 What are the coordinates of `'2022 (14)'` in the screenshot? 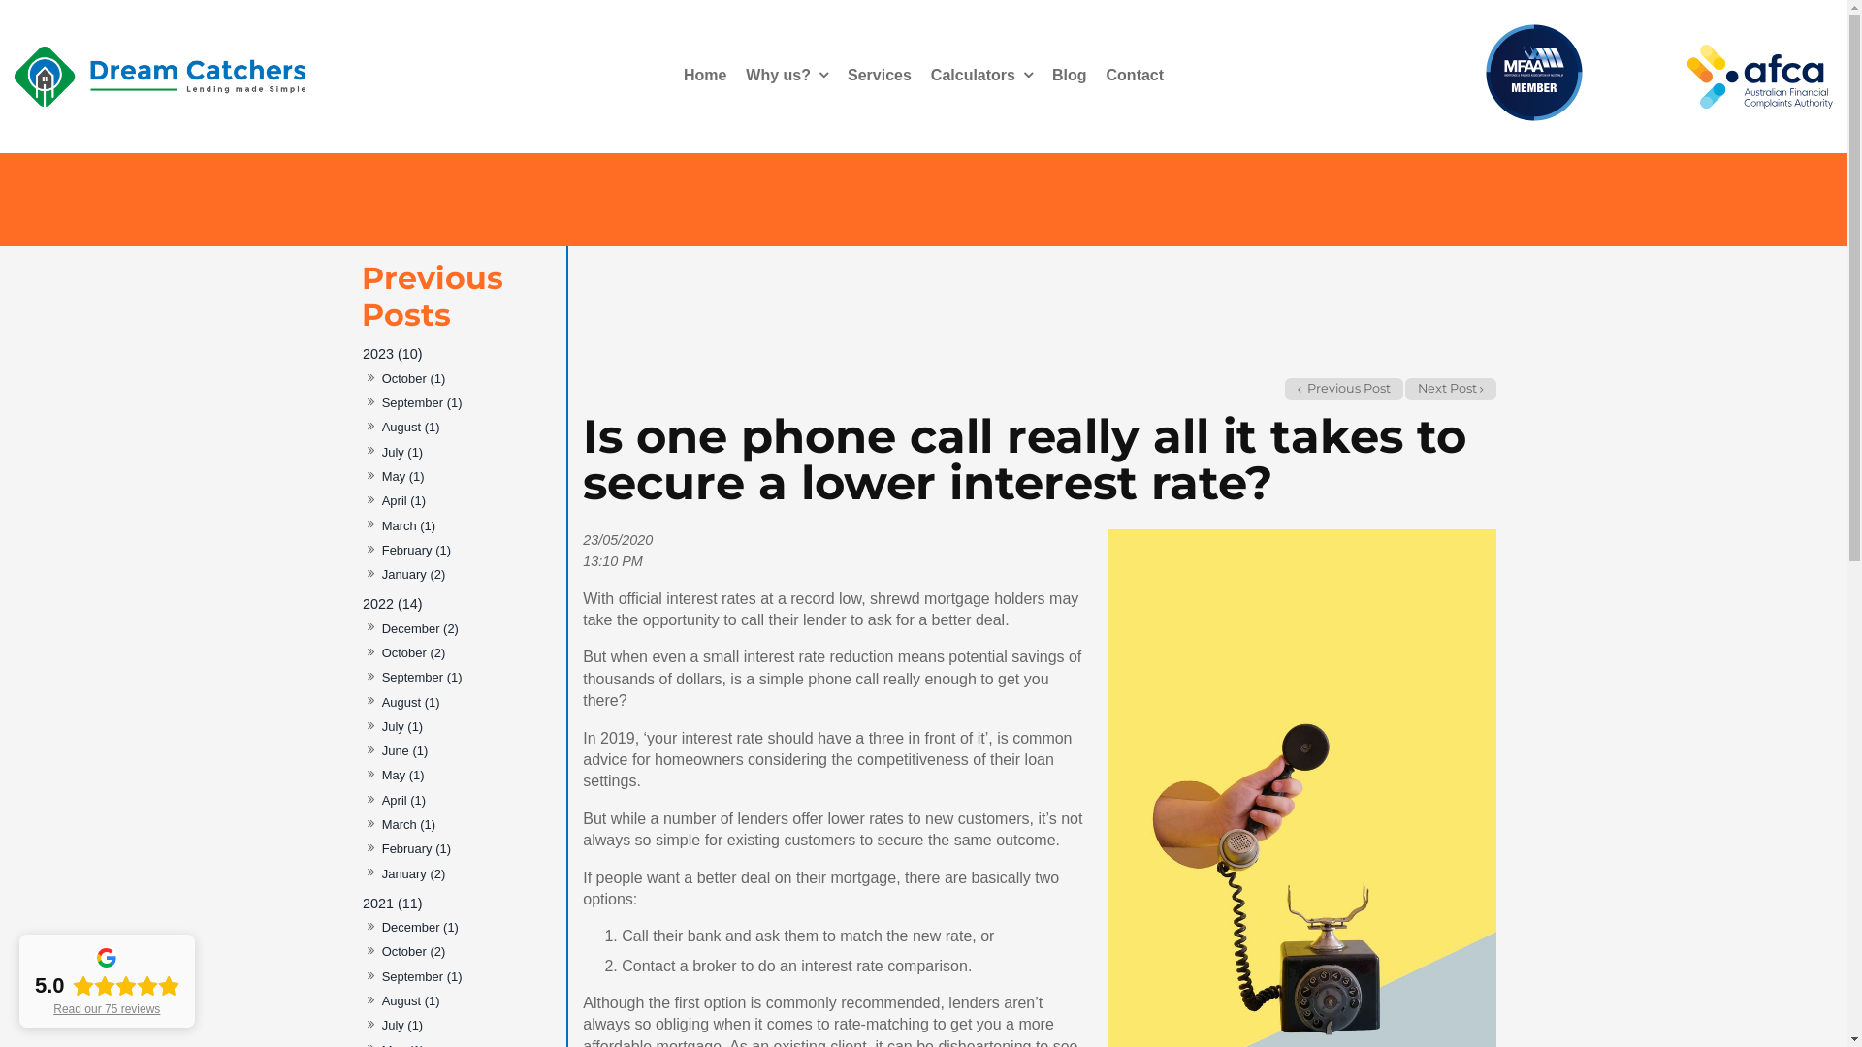 It's located at (458, 603).